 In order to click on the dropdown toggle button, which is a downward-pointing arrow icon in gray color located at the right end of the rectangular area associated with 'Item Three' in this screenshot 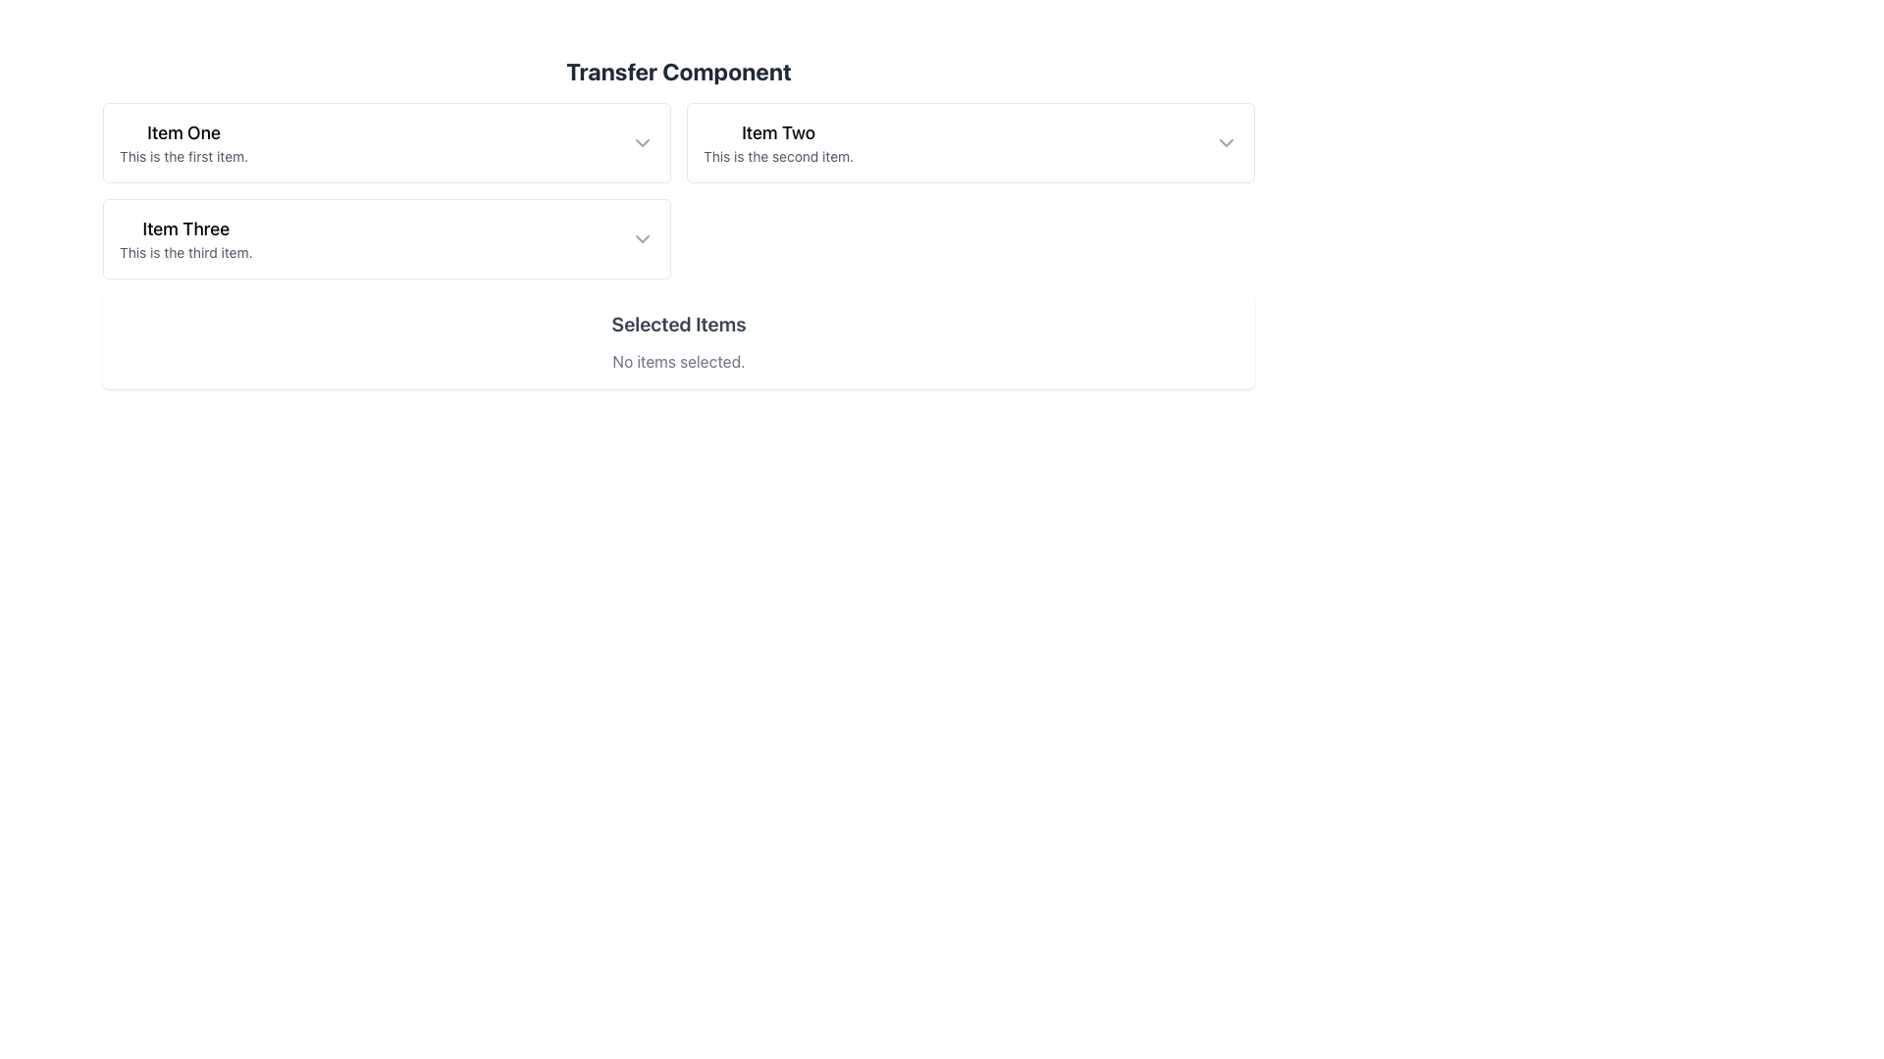, I will do `click(642, 237)`.